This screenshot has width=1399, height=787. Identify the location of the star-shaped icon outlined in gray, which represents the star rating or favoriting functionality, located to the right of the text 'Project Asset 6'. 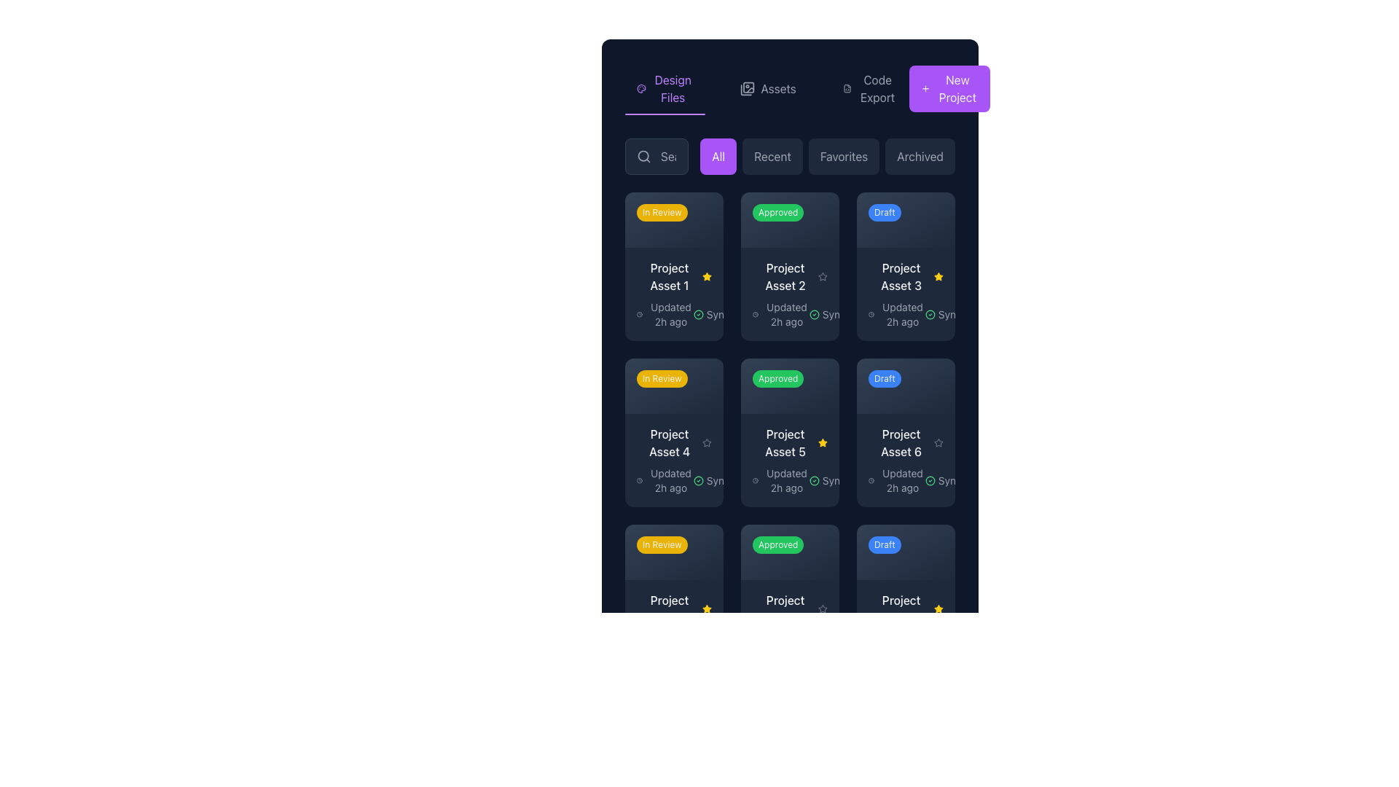
(938, 442).